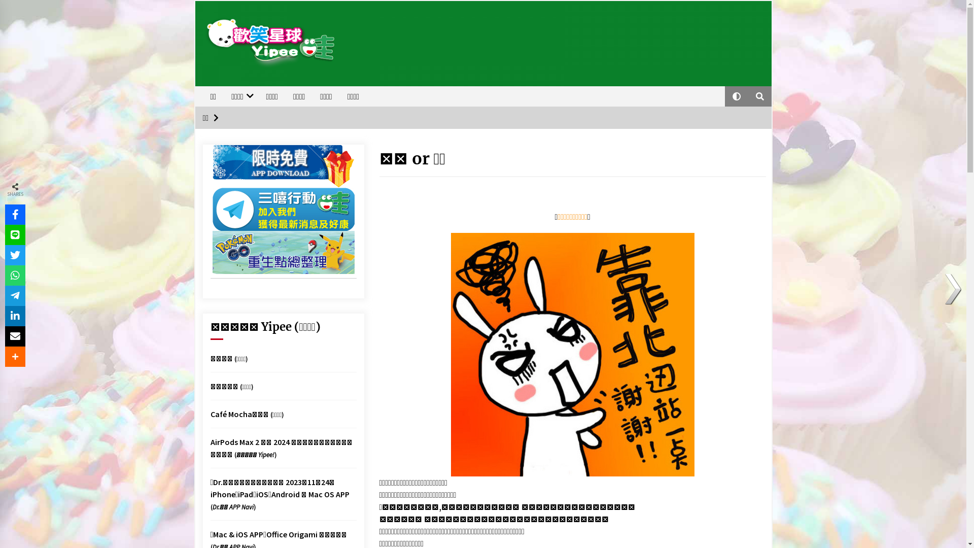 This screenshot has height=548, width=974. Describe the element at coordinates (15, 234) in the screenshot. I see `'Line'` at that location.